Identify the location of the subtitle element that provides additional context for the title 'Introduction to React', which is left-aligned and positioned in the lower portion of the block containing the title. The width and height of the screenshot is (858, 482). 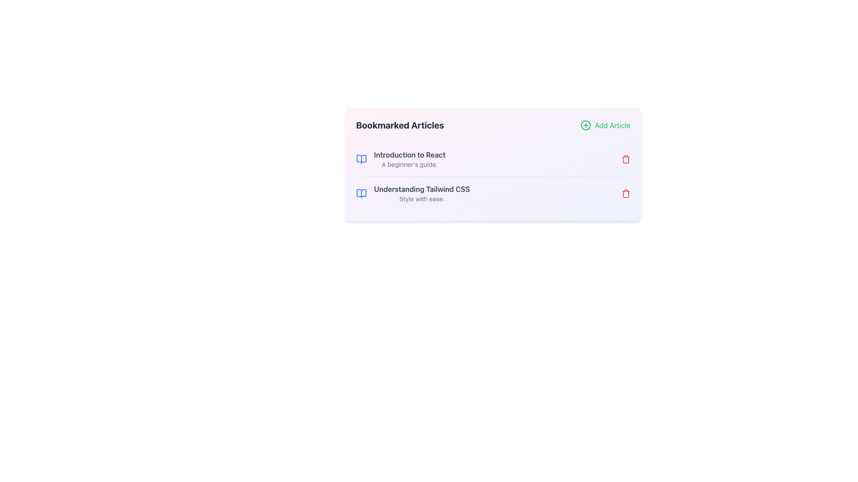
(409, 165).